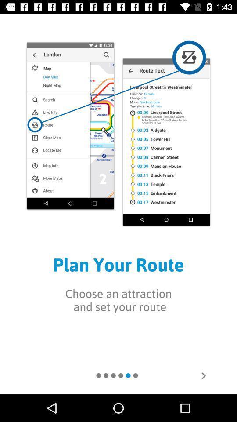  What do you see at coordinates (203, 375) in the screenshot?
I see `icon at the bottom right corner` at bounding box center [203, 375].